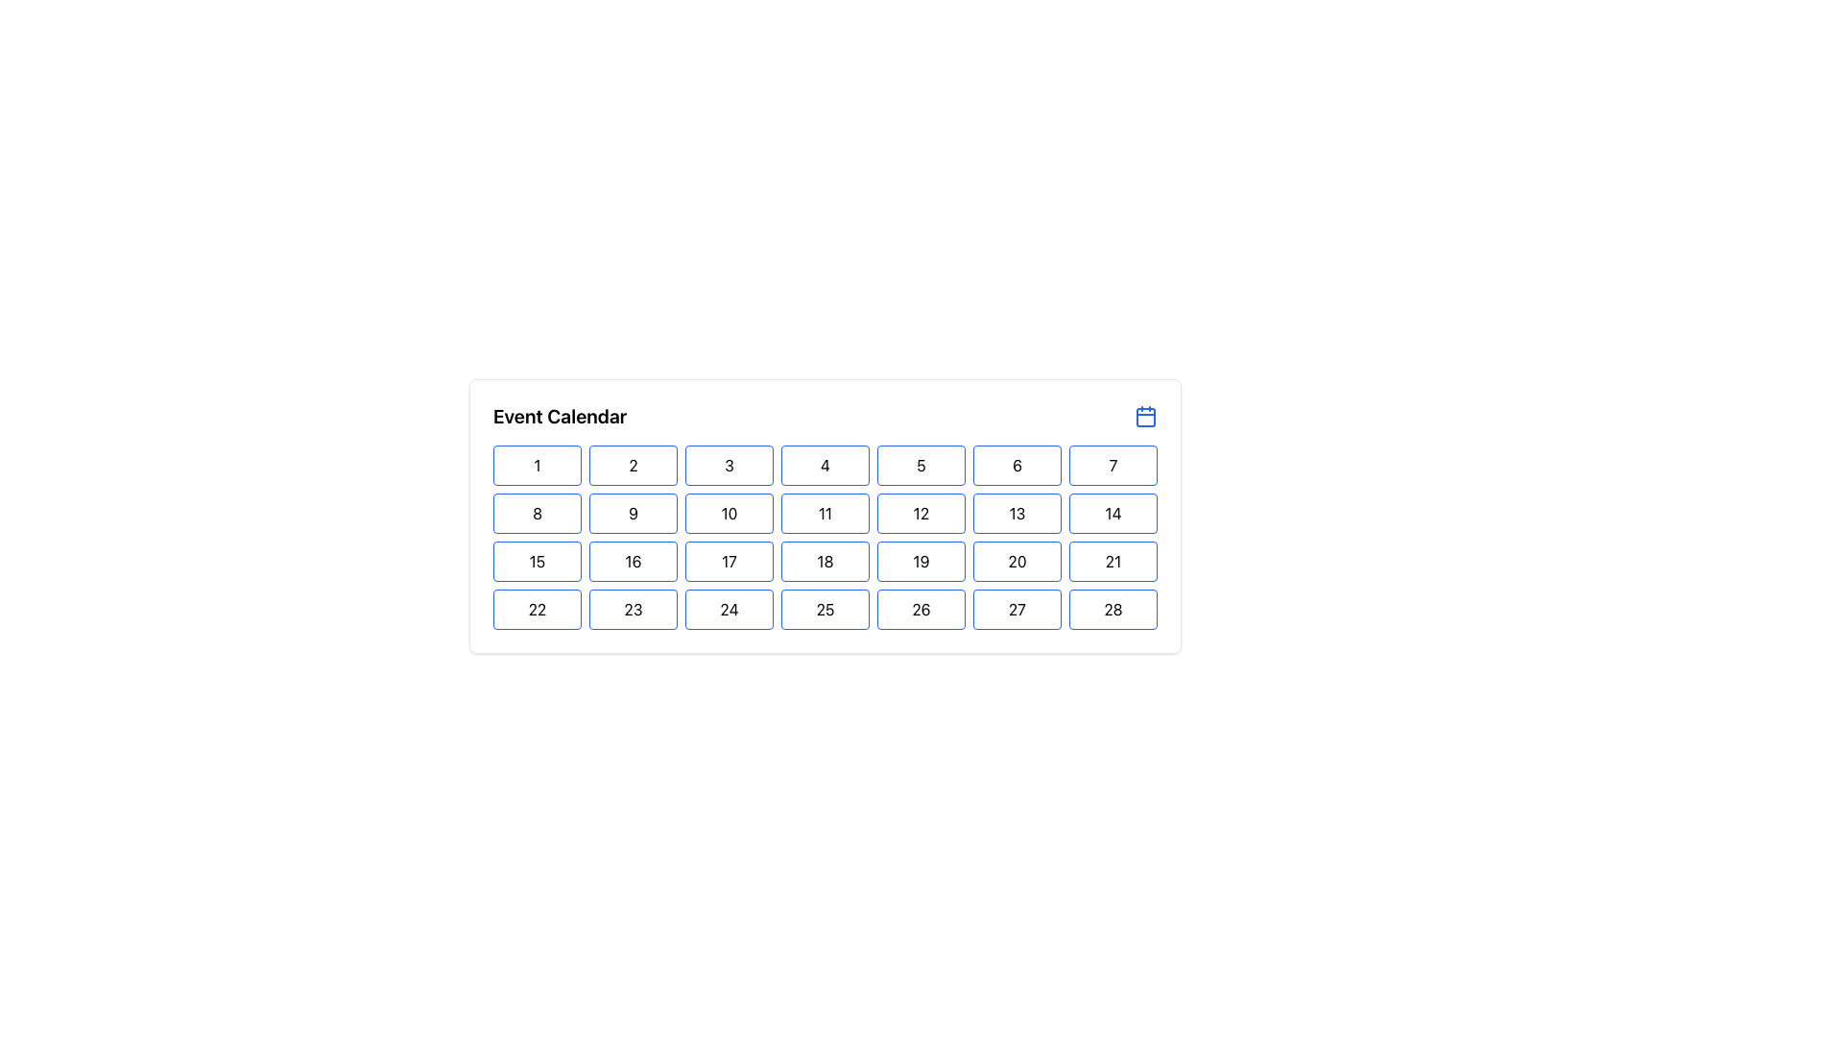 The width and height of the screenshot is (1843, 1037). I want to click on the rectangular button with rounded corners labeled '24' in bold black text, so click(728, 610).